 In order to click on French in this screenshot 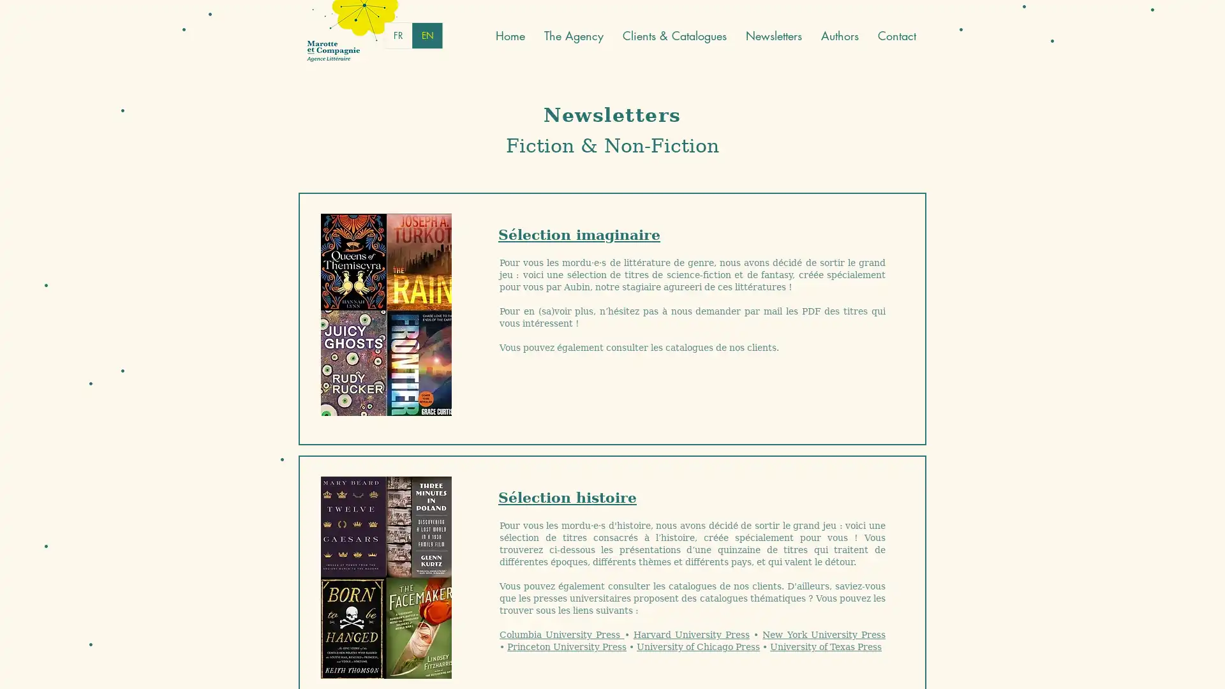, I will do `click(426, 35)`.